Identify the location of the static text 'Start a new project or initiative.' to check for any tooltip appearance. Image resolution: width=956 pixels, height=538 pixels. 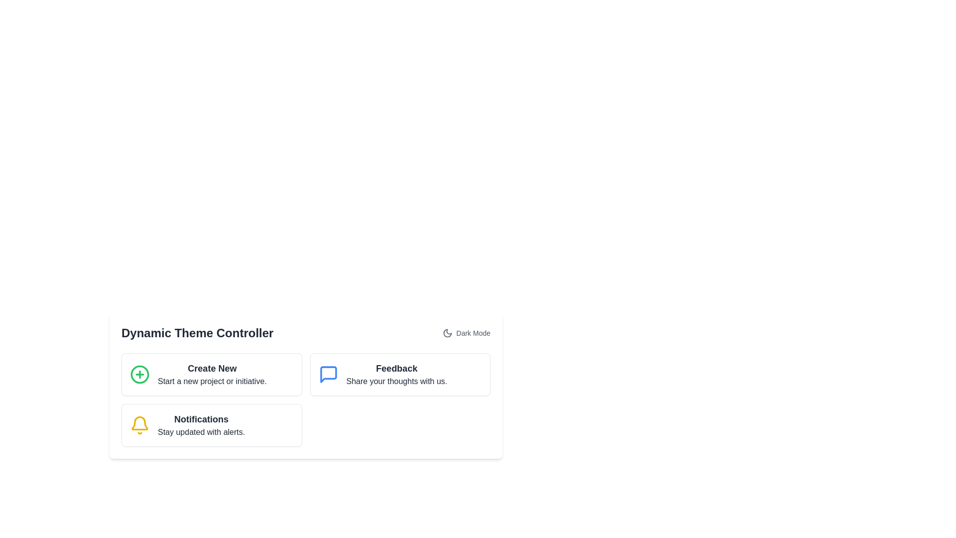
(212, 381).